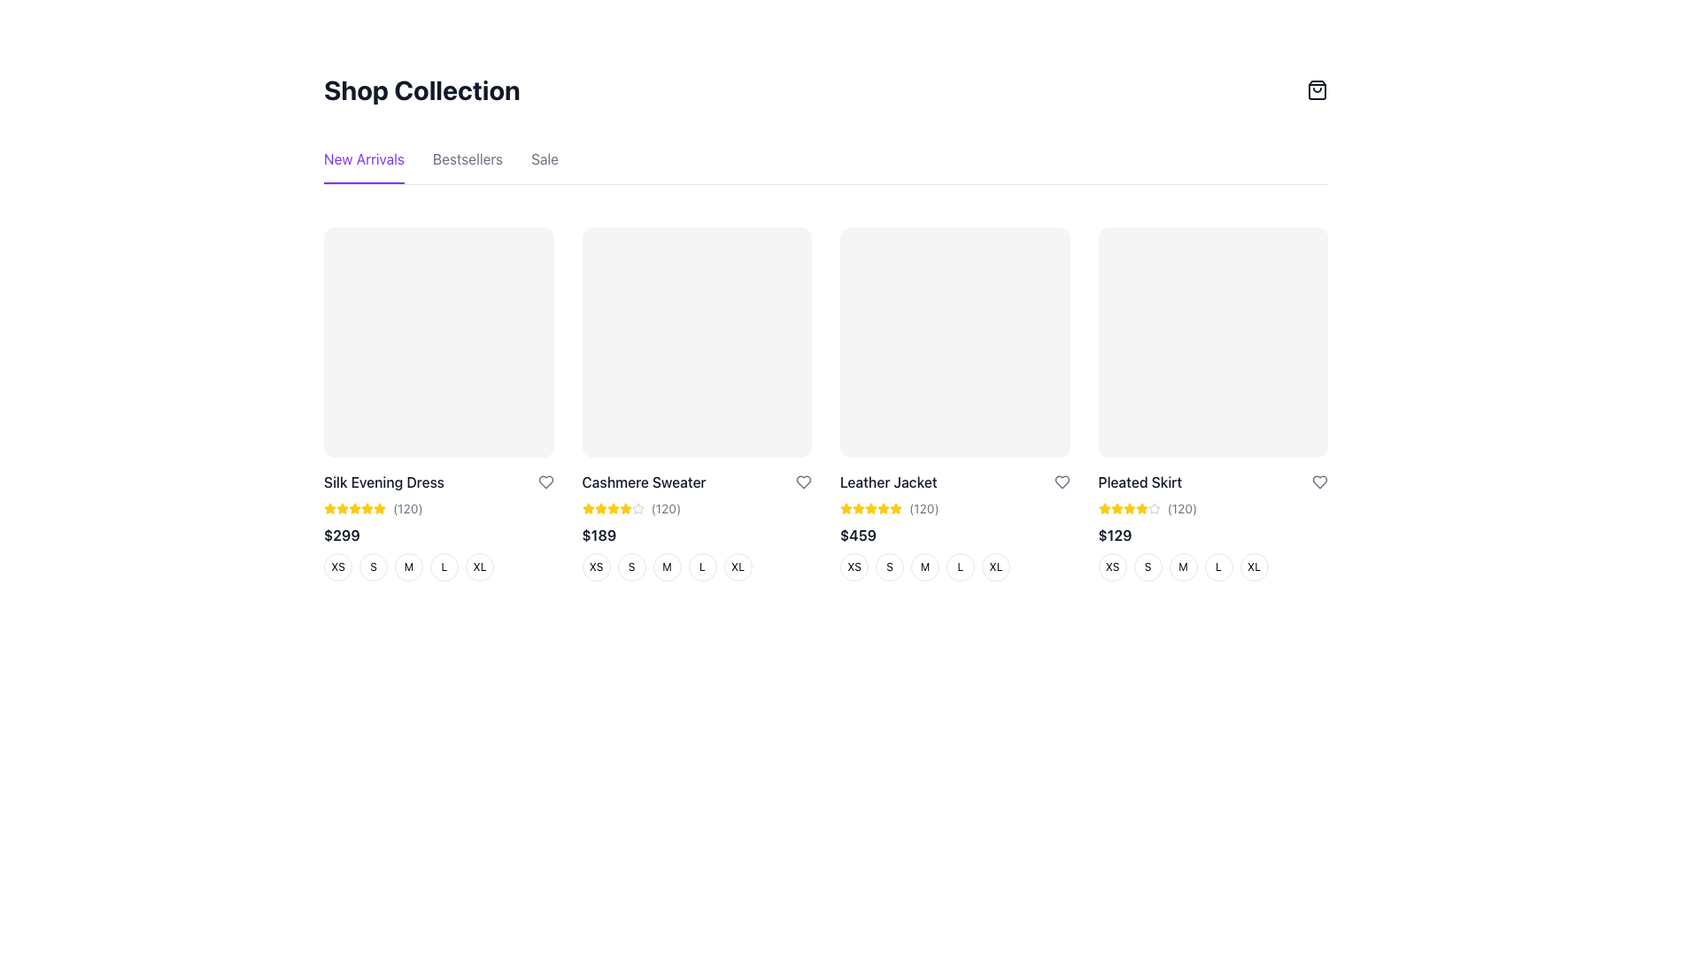 This screenshot has height=956, width=1700. I want to click on the fourth filled star icon in the five-star rating system for the product 'Cashmere Sweater', located beneath the product title and above the price, so click(613, 508).